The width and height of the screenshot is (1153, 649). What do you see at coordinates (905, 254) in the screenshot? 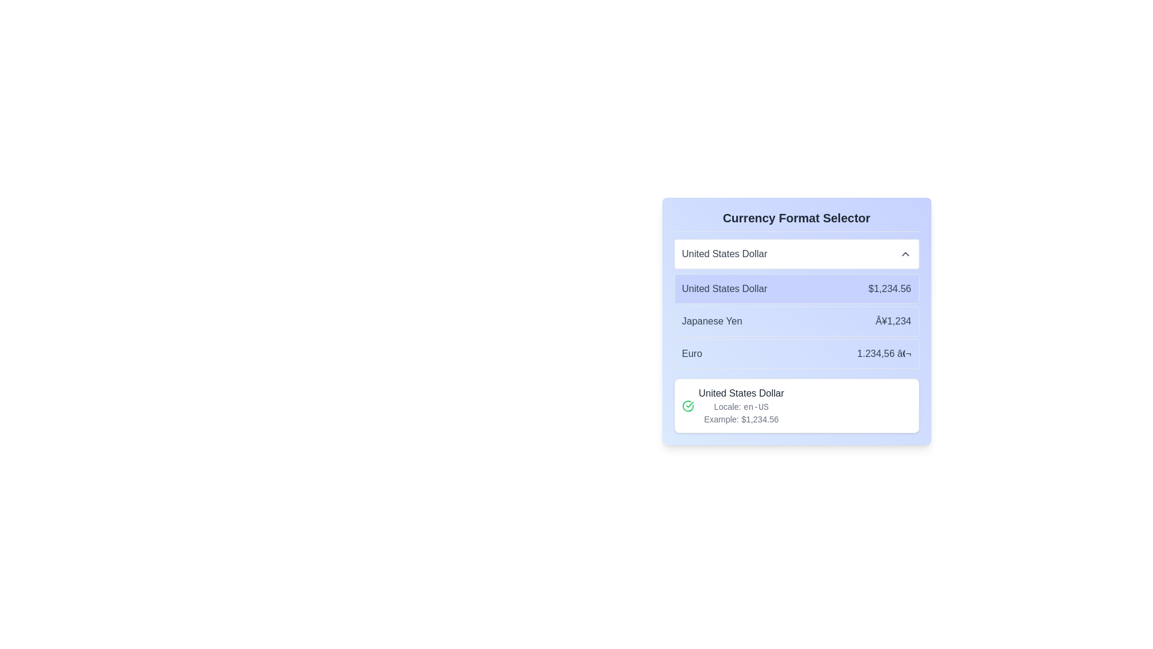
I see `the SVG icon in the top-right corner of the 'United States Dollar' dropdown menu, which indicates the dropdown can be expanded` at bounding box center [905, 254].